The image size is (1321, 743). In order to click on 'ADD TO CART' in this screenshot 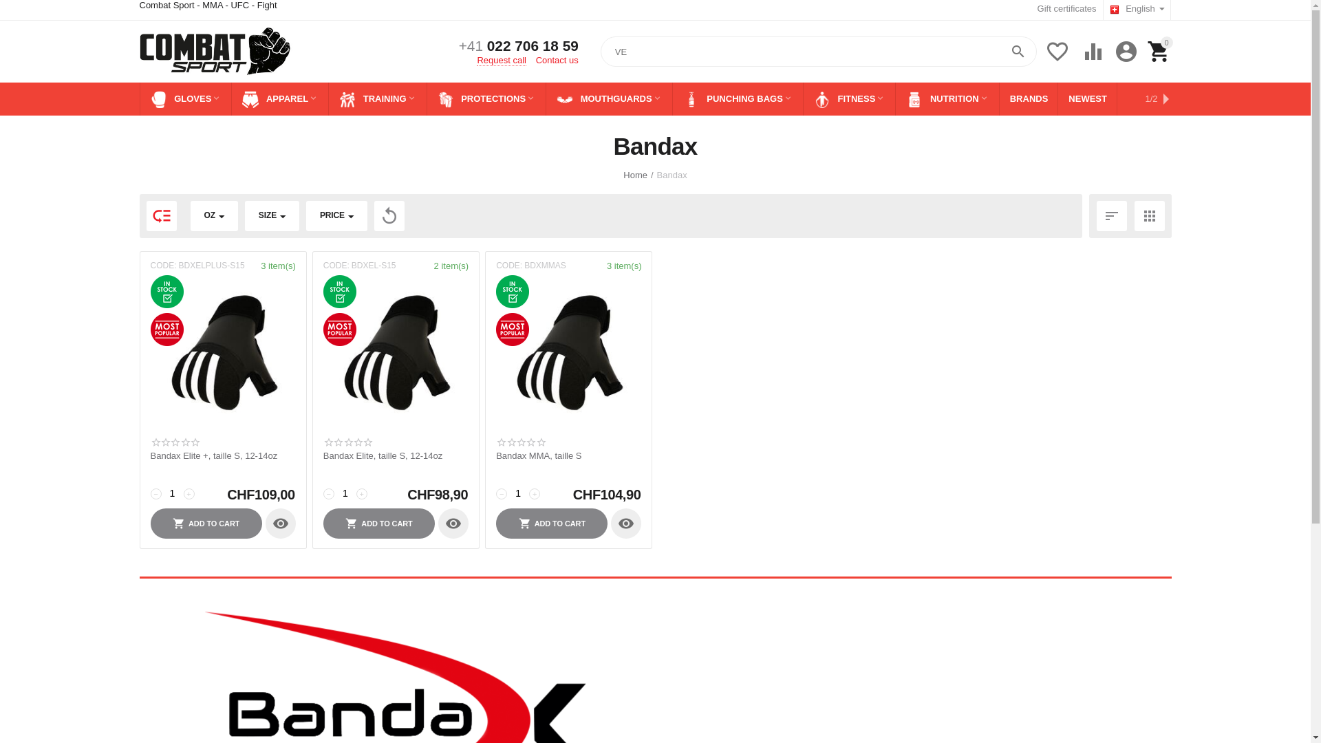, I will do `click(379, 523)`.